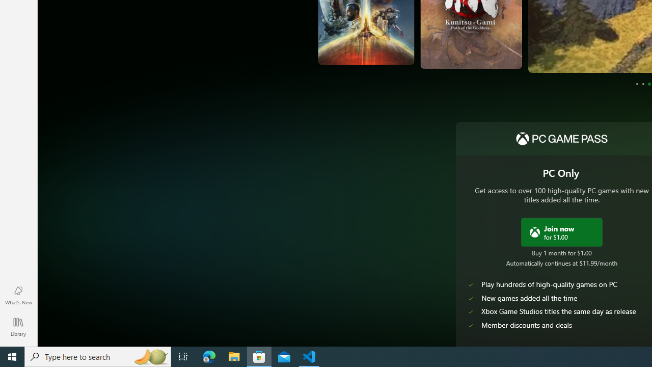  Describe the element at coordinates (584, 44) in the screenshot. I see `'Dungeons Of Hinterberg'` at that location.